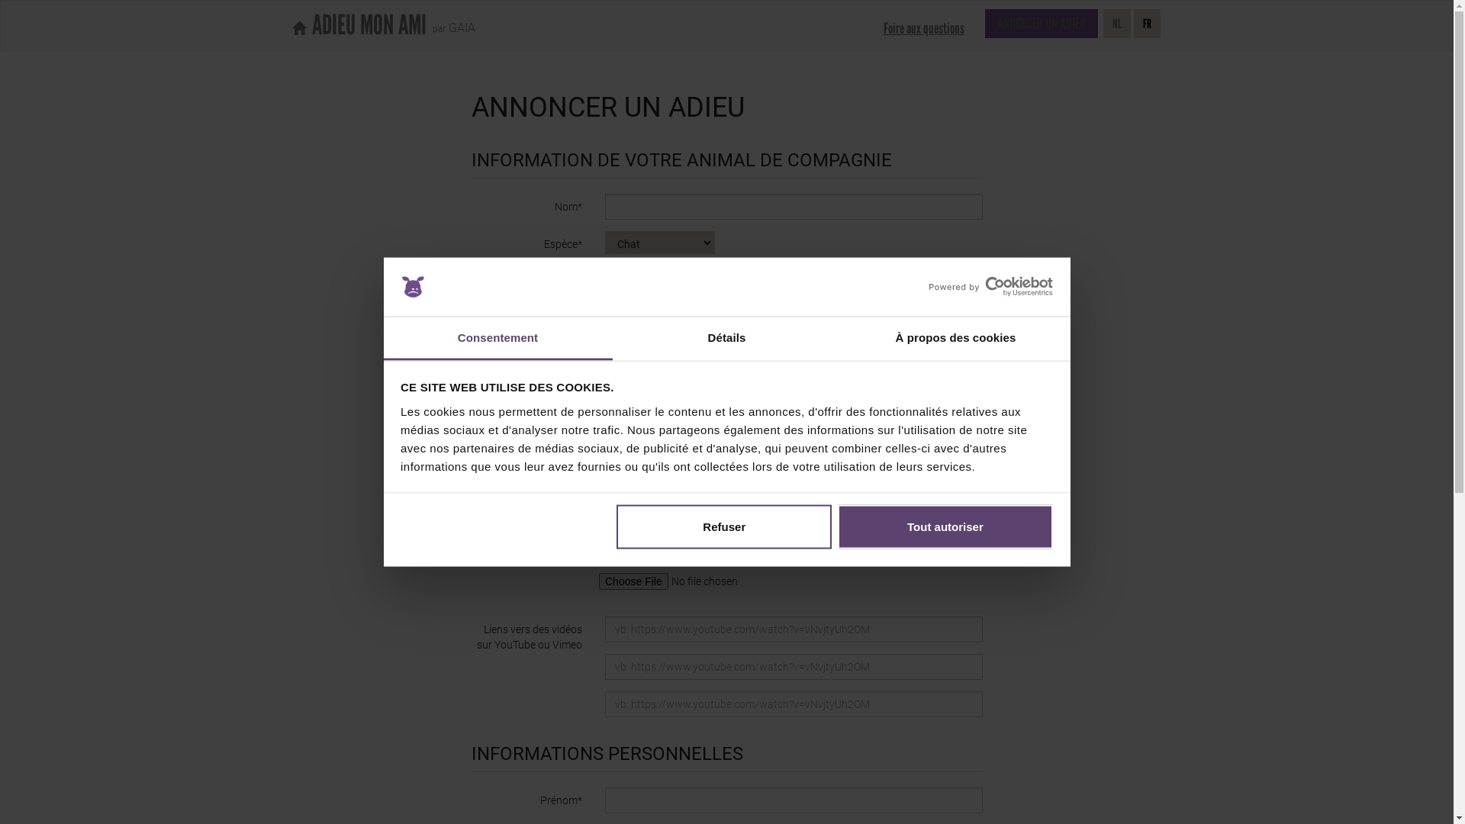 This screenshot has height=824, width=1465. What do you see at coordinates (497, 337) in the screenshot?
I see `'Consentement'` at bounding box center [497, 337].